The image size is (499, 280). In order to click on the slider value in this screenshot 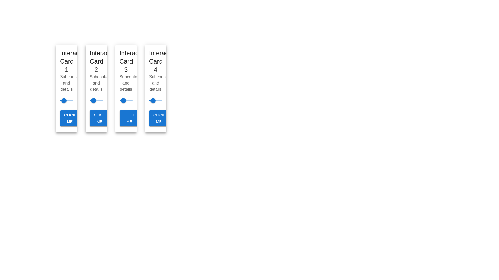, I will do `click(63, 101)`.